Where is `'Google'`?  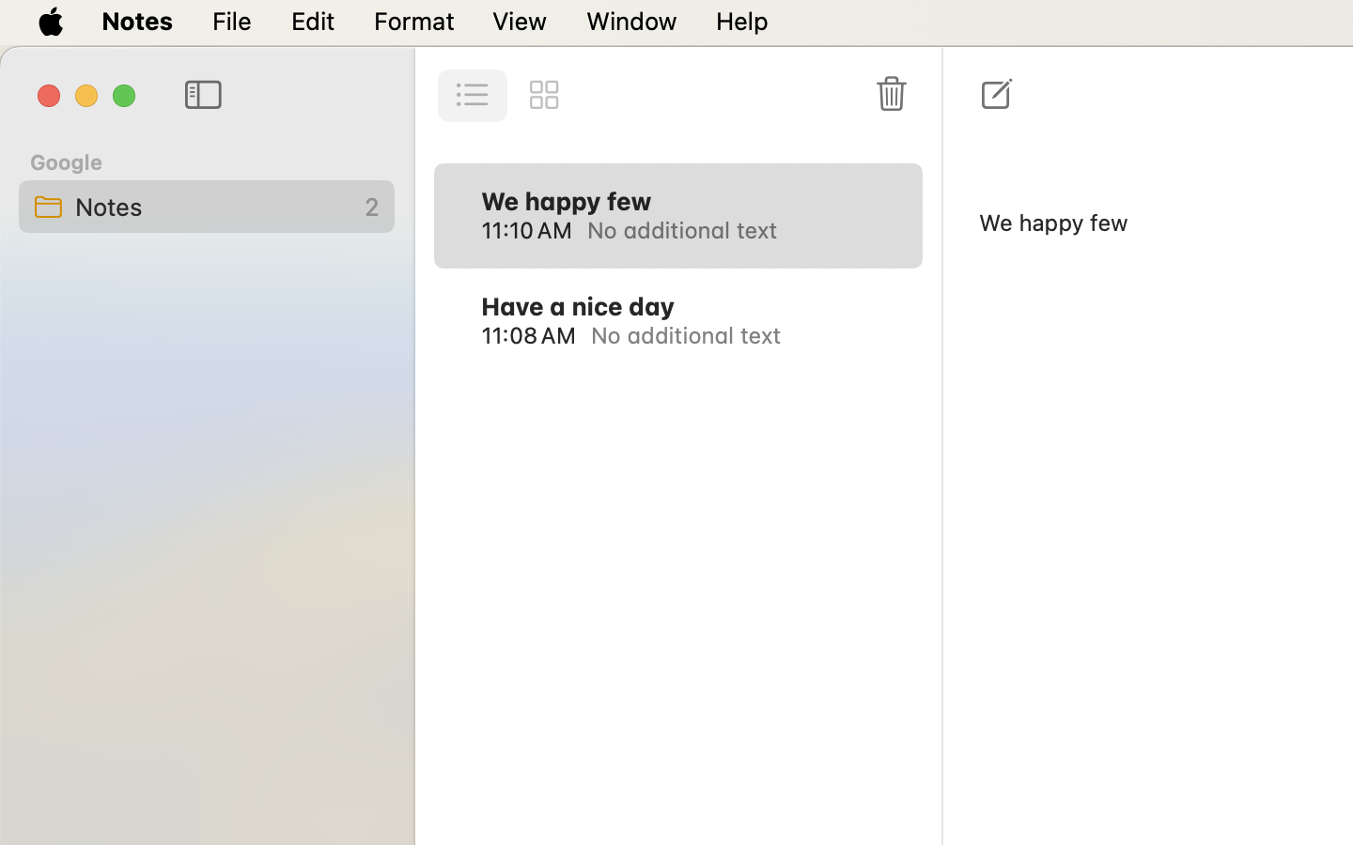 'Google' is located at coordinates (66, 161).